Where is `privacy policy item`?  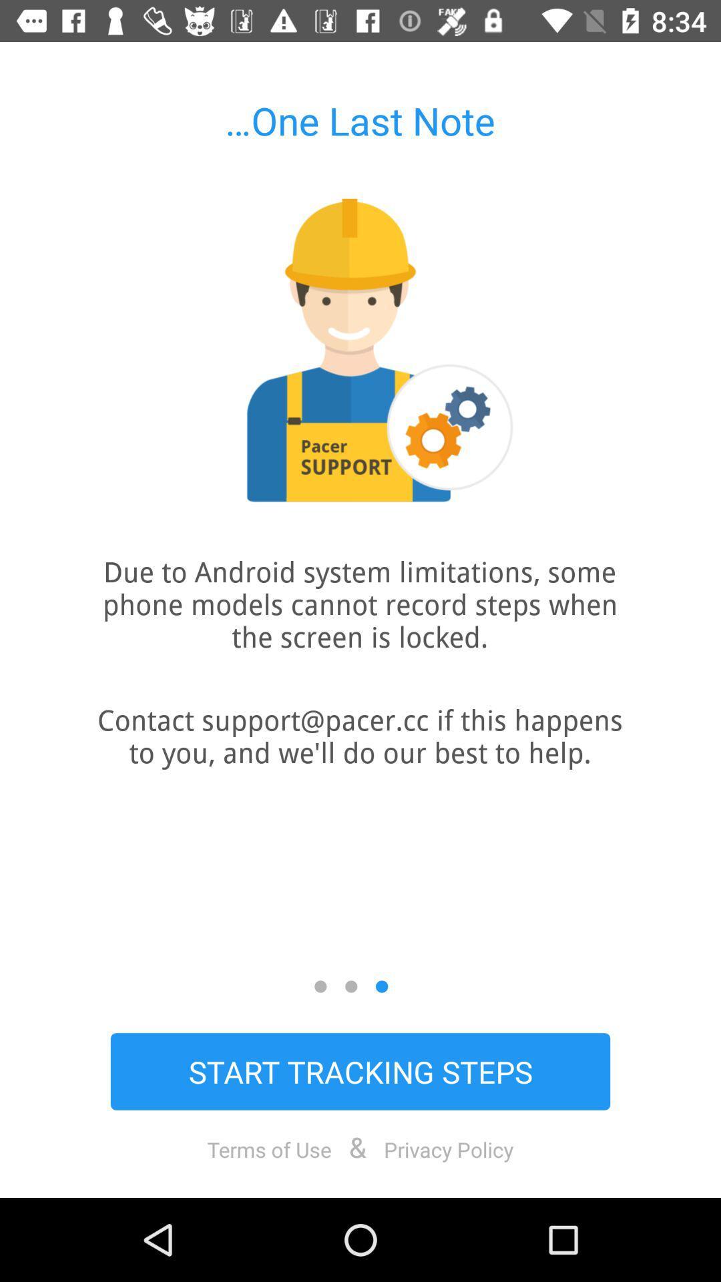
privacy policy item is located at coordinates (449, 1148).